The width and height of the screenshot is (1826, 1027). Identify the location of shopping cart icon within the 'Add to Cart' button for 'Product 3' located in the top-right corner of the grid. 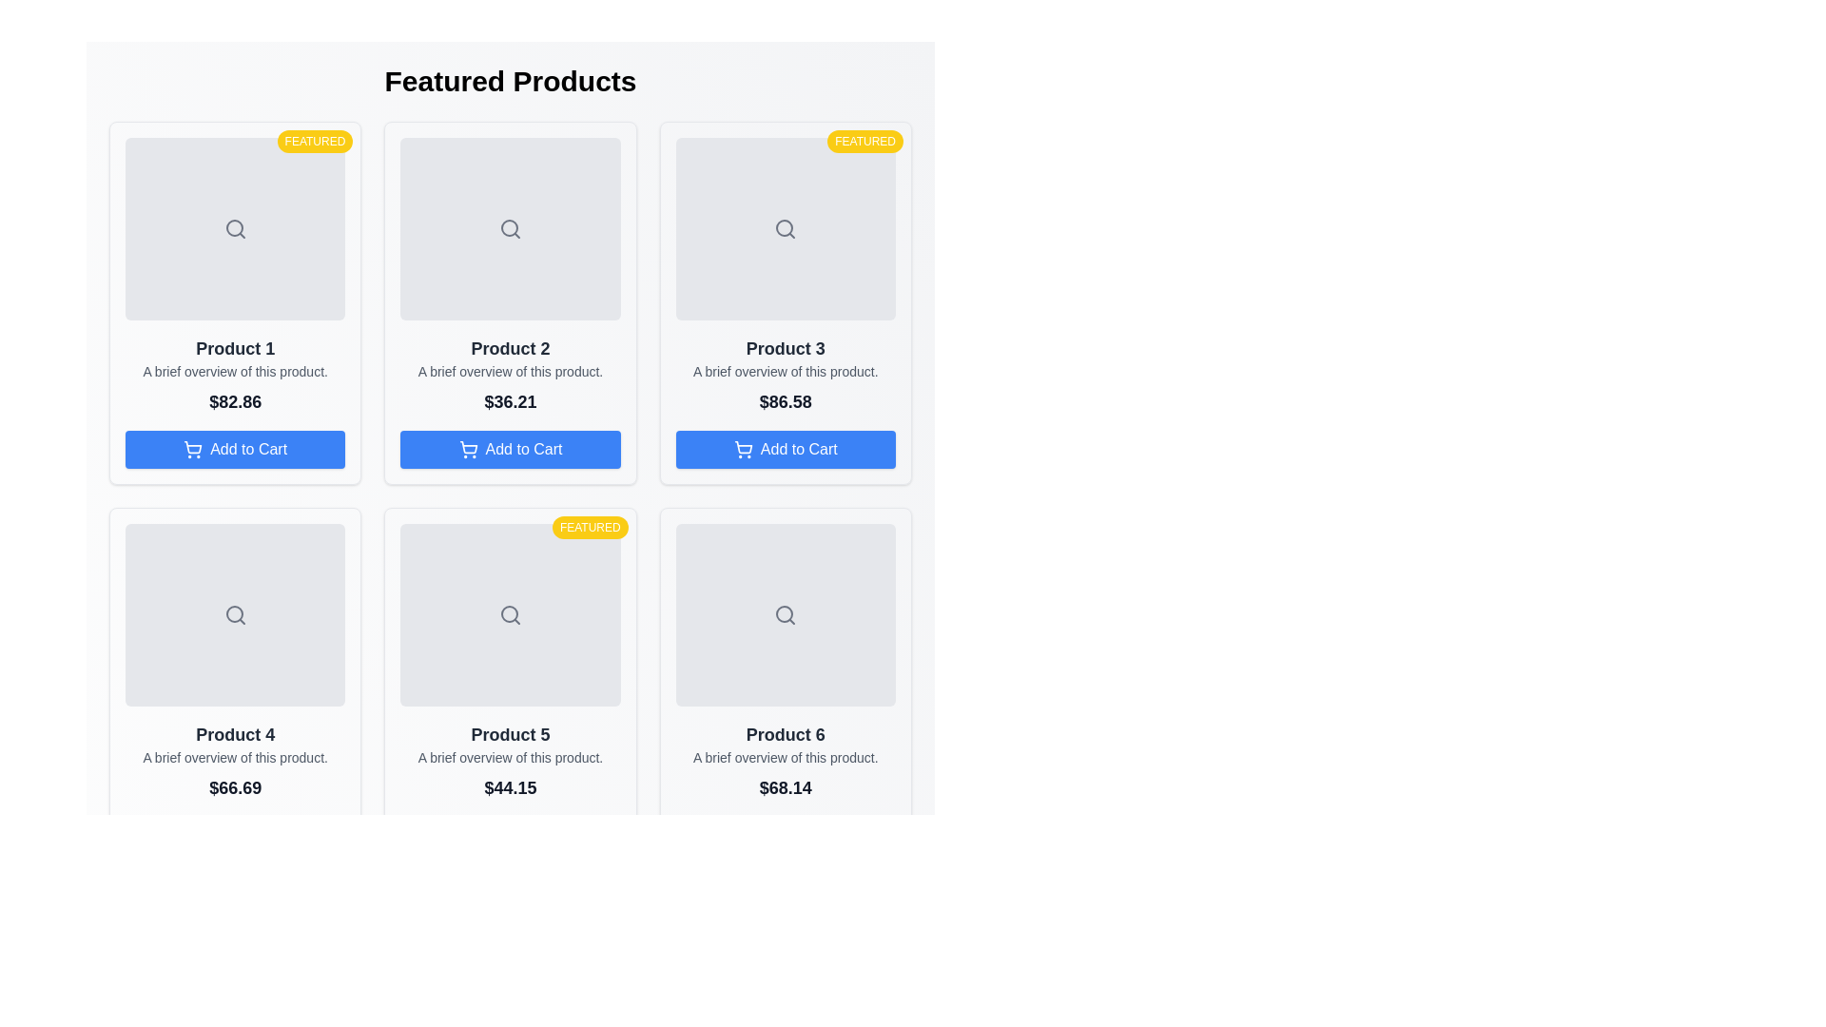
(742, 450).